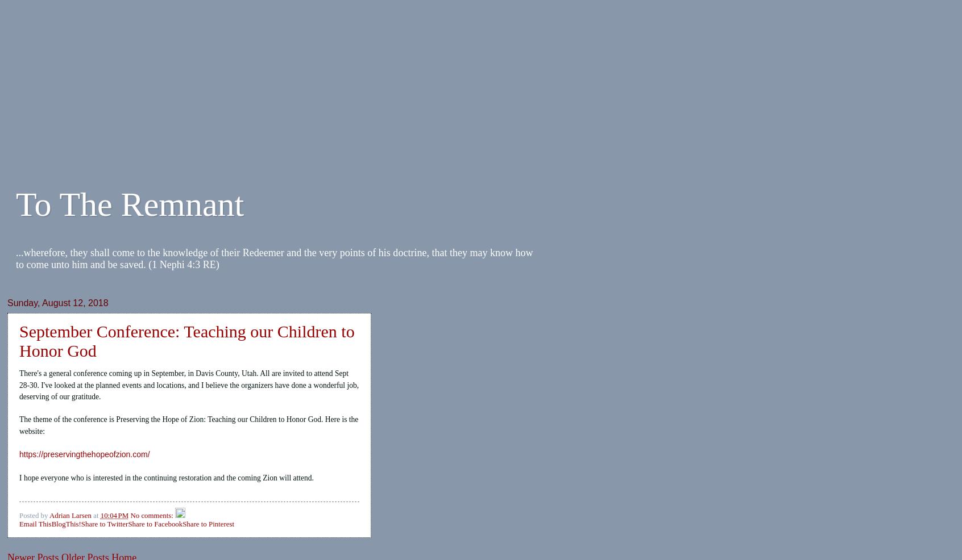  What do you see at coordinates (66, 524) in the screenshot?
I see `'BlogThis!'` at bounding box center [66, 524].